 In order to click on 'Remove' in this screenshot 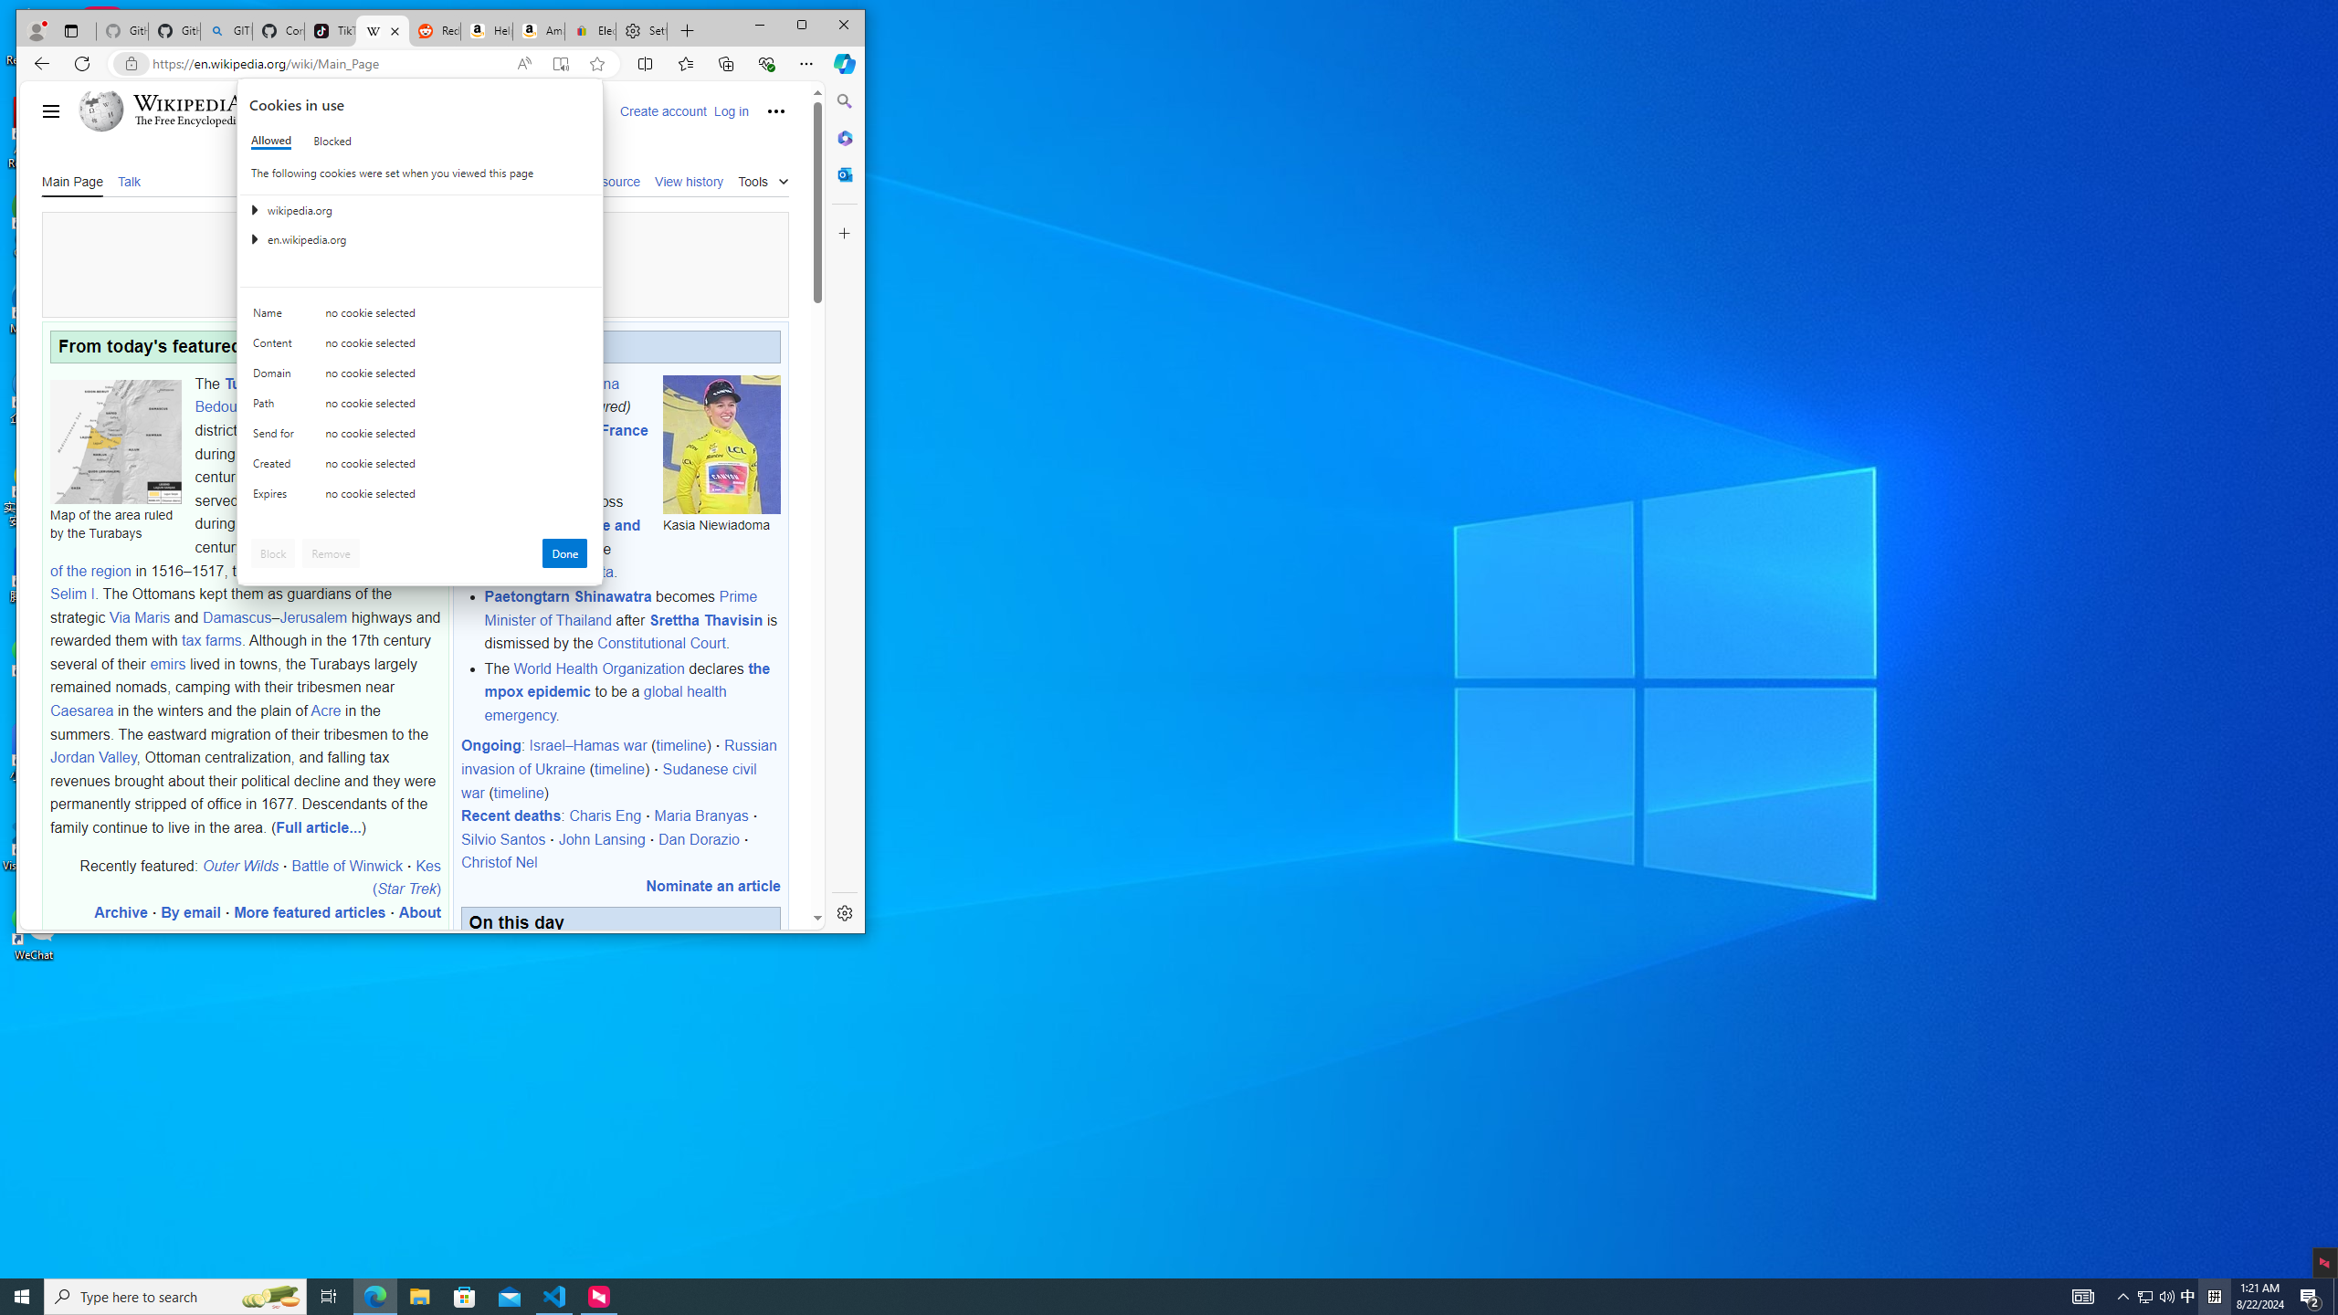, I will do `click(331, 552)`.